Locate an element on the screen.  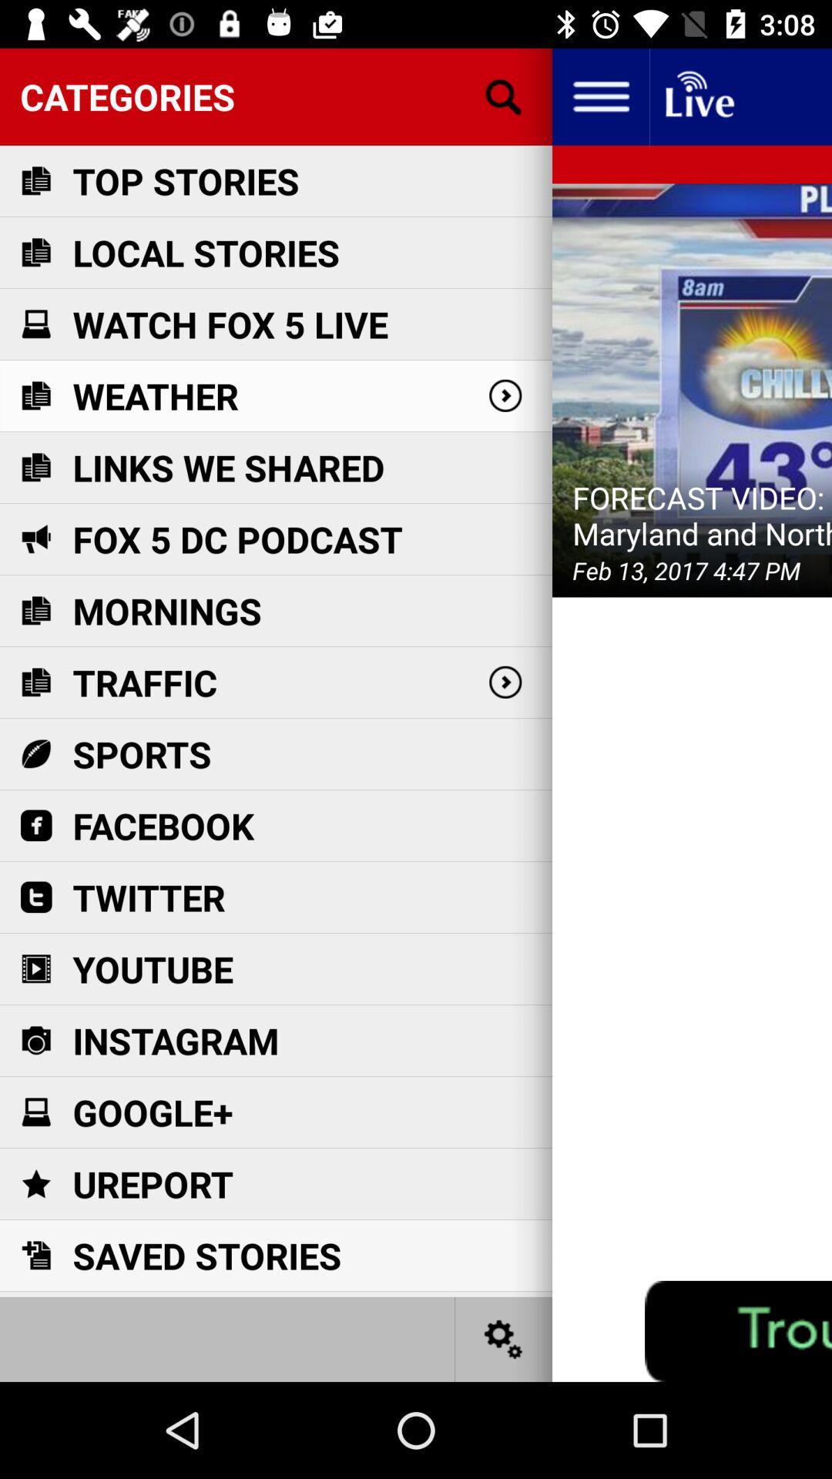
the home icon is located at coordinates (698, 96).